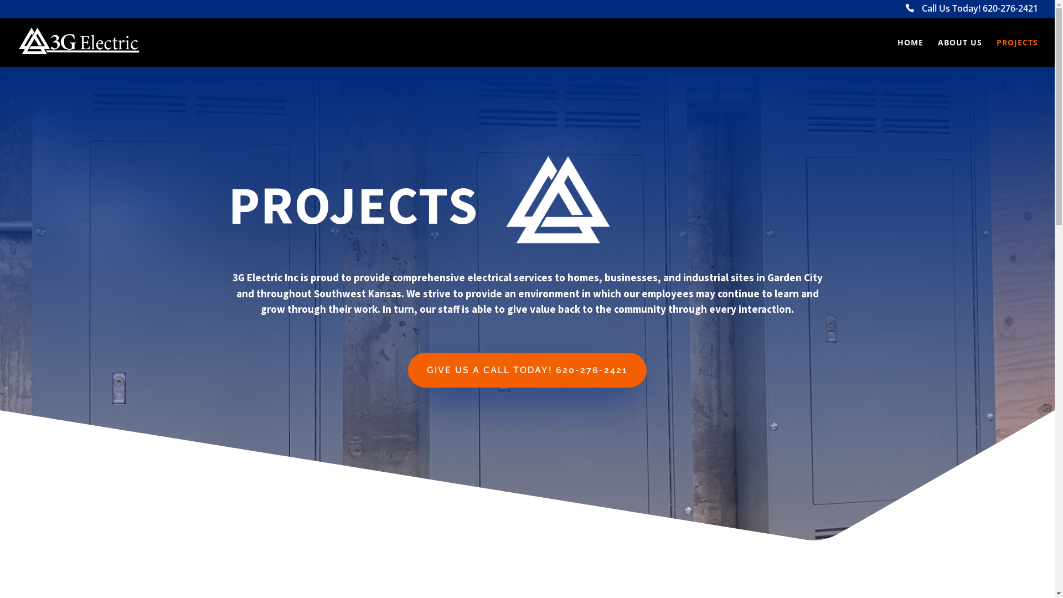  I want to click on 'ABOUT US', so click(937, 53).